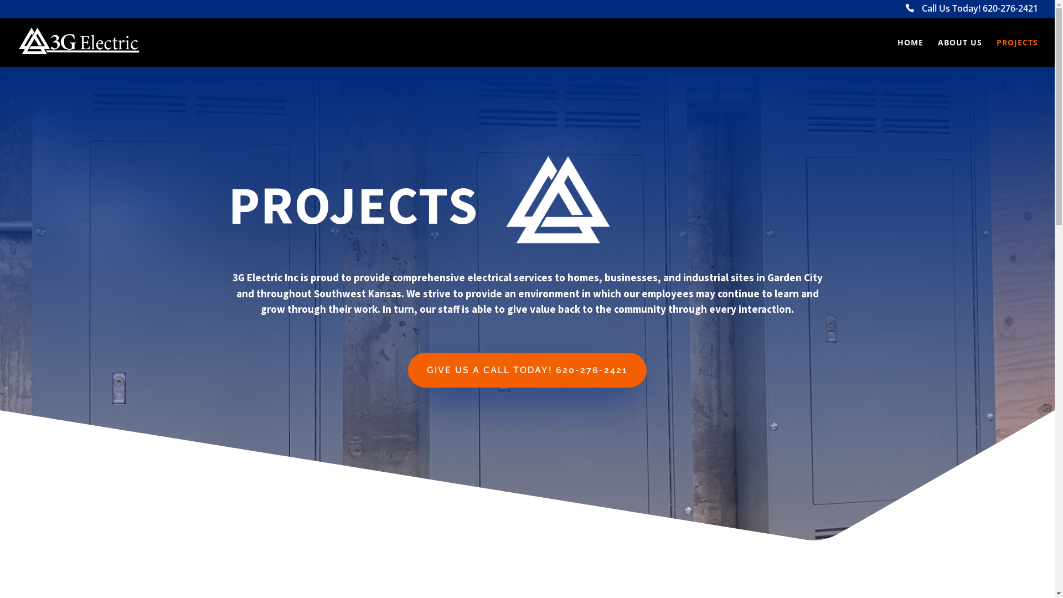  I want to click on 'ABOUT US', so click(937, 53).